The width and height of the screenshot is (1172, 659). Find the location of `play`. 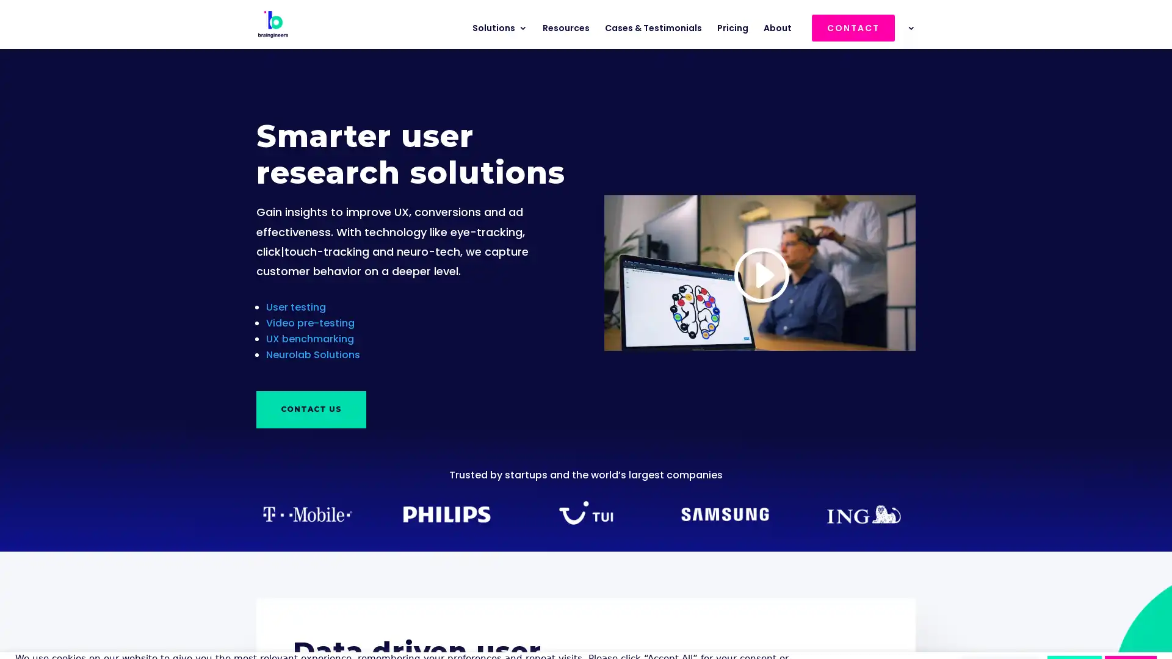

play is located at coordinates (618, 322).